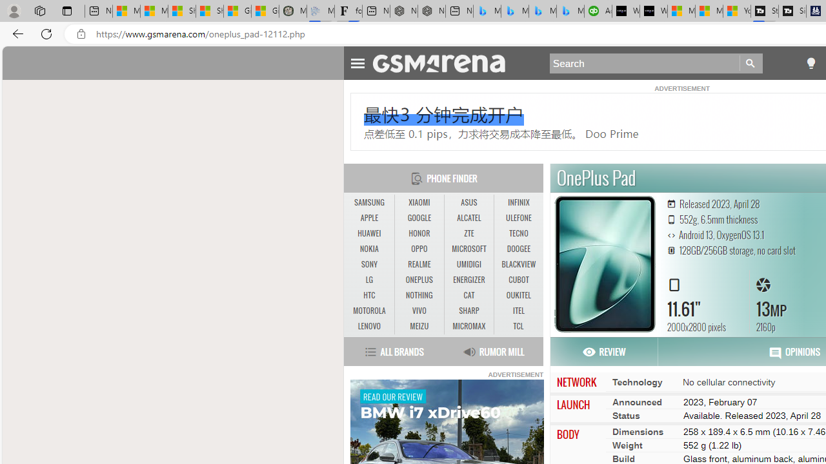 Image resolution: width=826 pixels, height=464 pixels. What do you see at coordinates (368, 325) in the screenshot?
I see `'LENOVO'` at bounding box center [368, 325].